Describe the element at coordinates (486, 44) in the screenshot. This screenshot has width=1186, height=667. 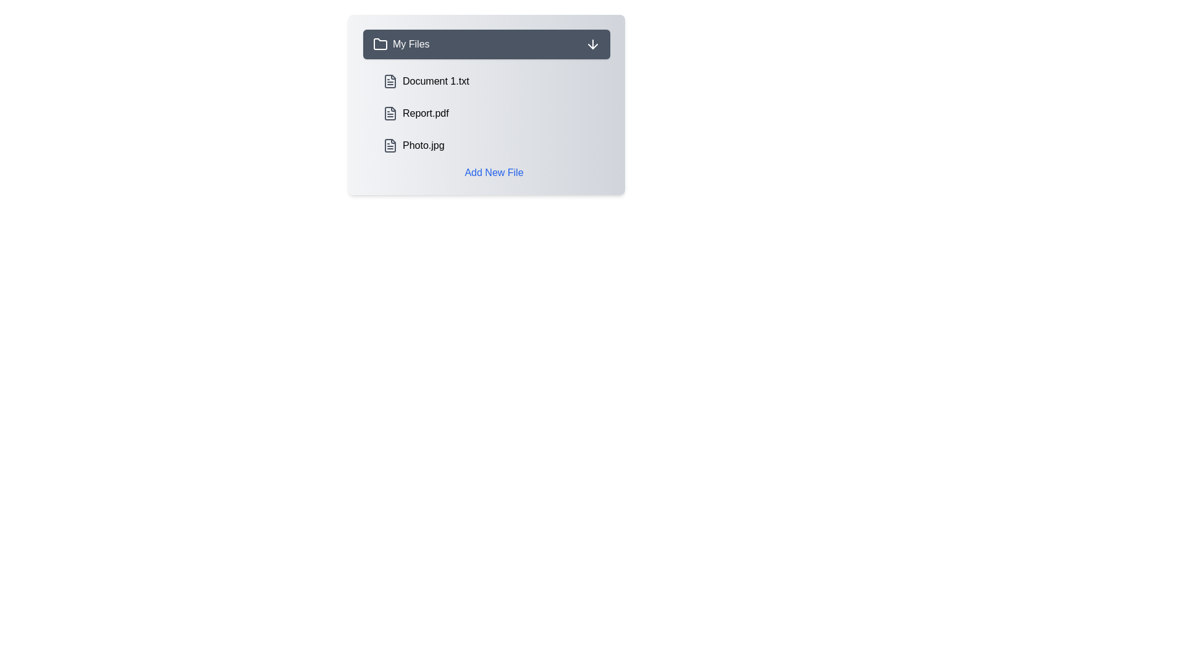
I see `'My Files' button to toggle the visibility of the folder content` at that location.